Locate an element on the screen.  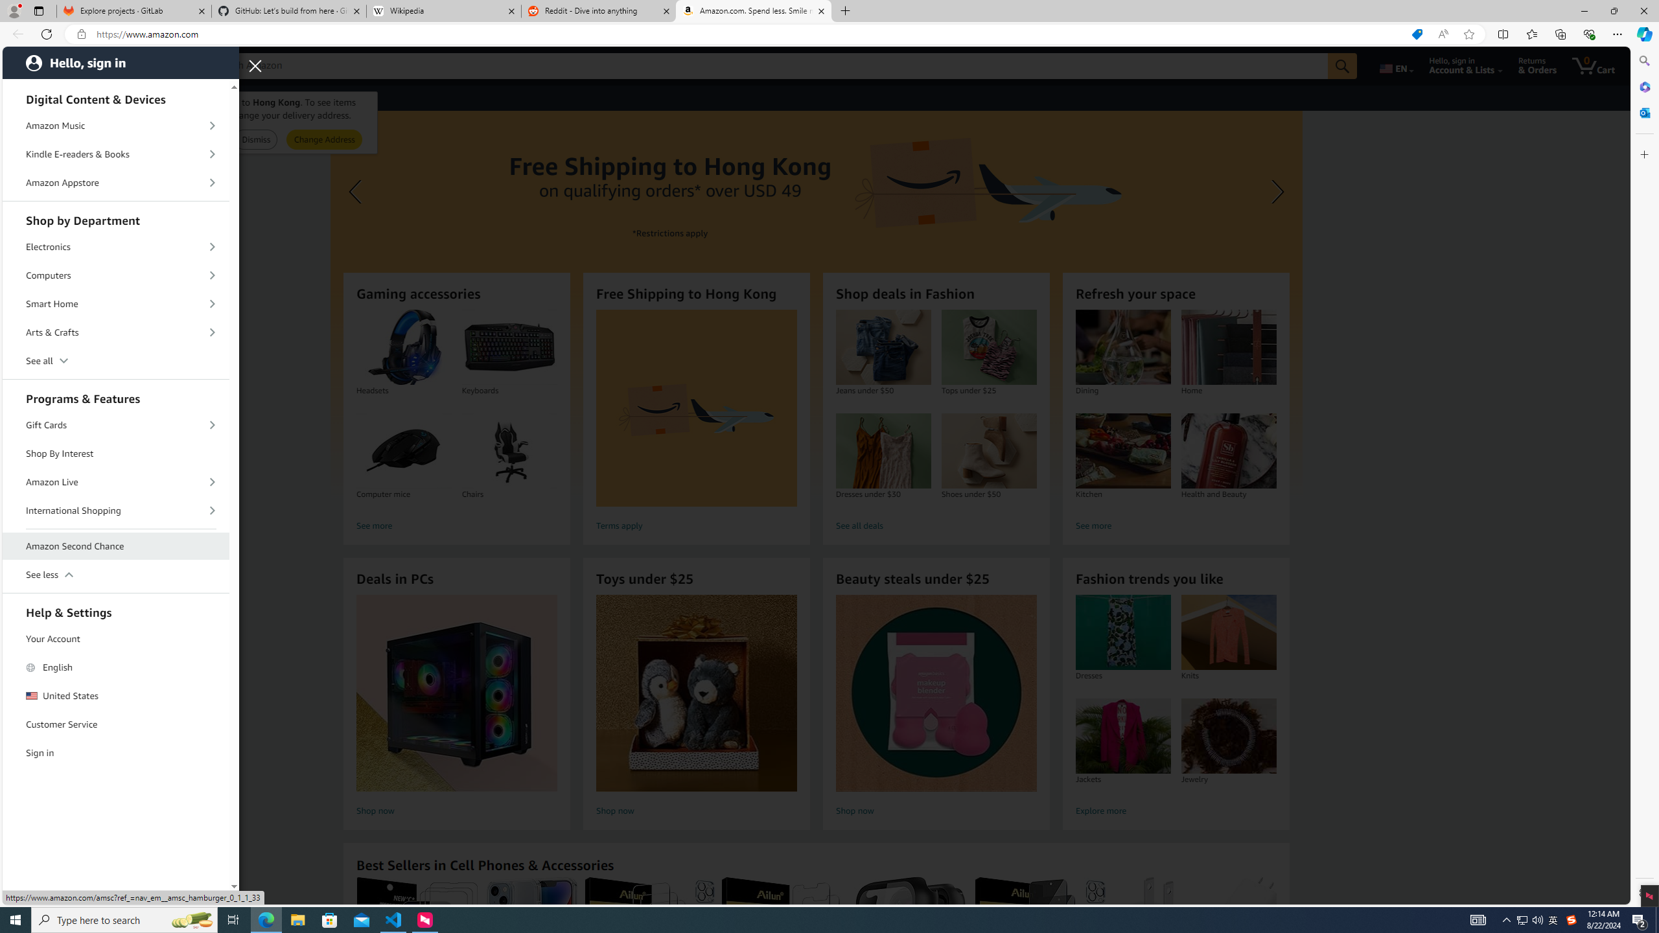
'United States' is located at coordinates (116, 695).